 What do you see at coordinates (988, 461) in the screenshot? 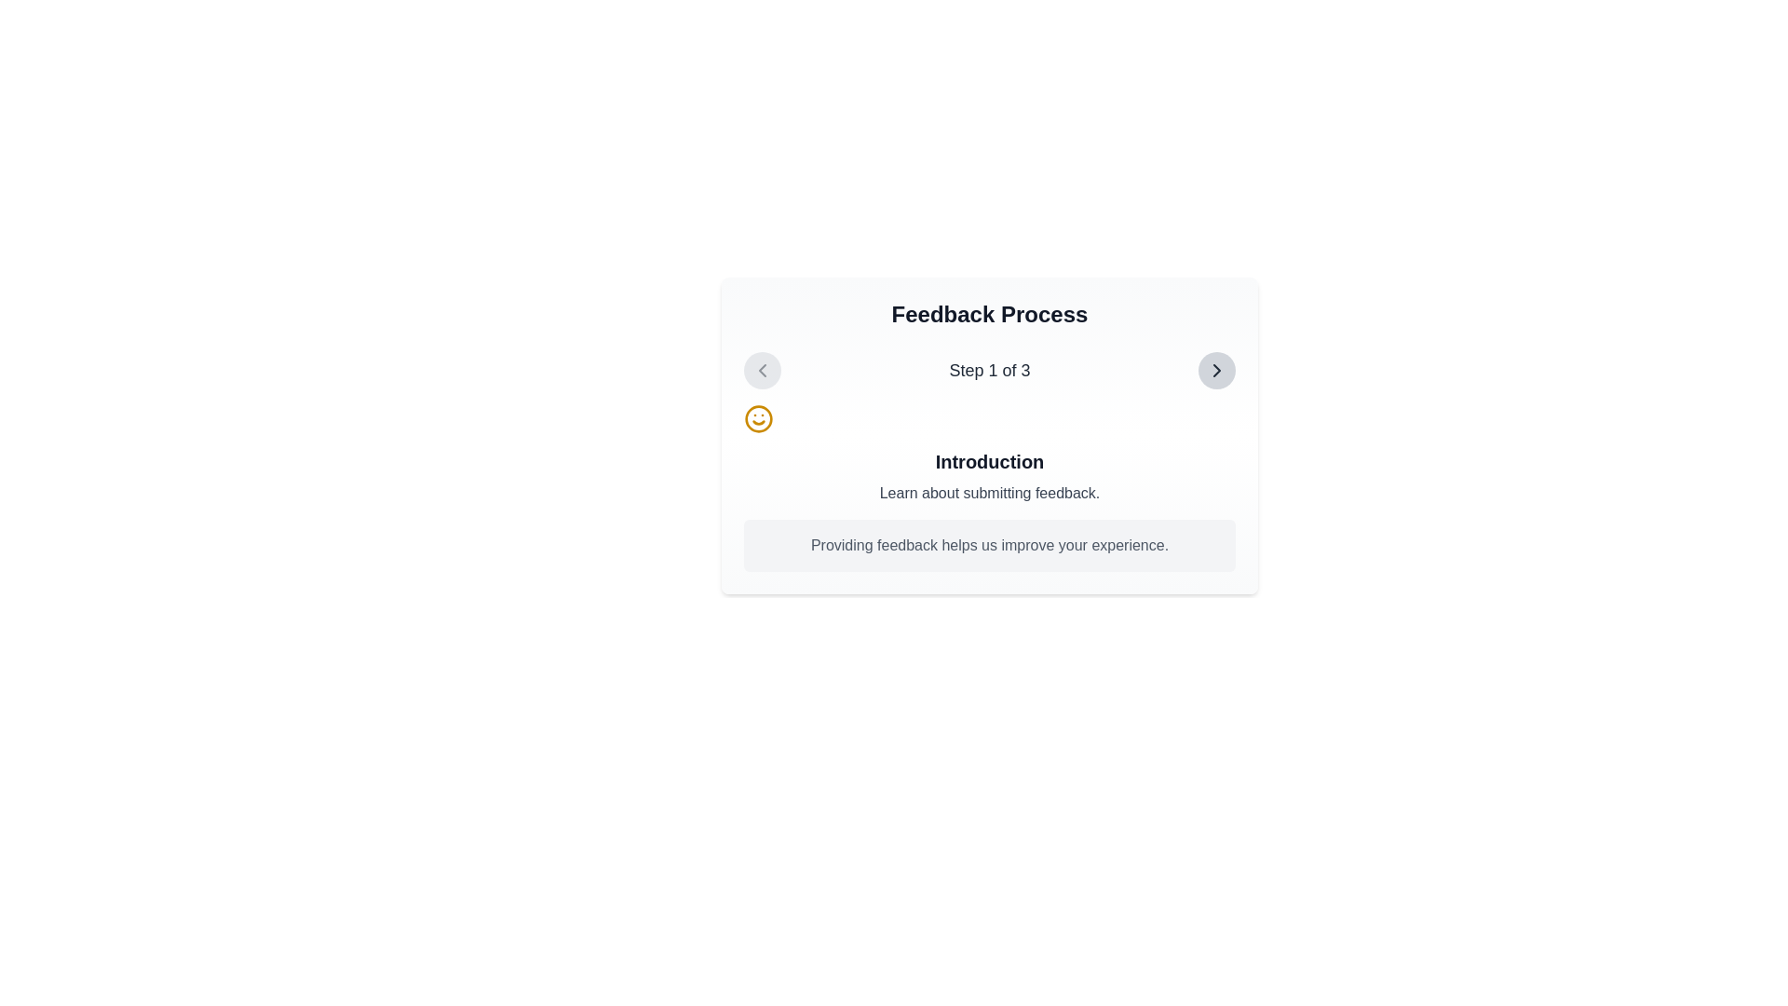
I see `the heading element that reads 'Introduction' in bold black font, centered on the page and located in the top-middle region of the 'Feedback Process' box` at bounding box center [988, 461].